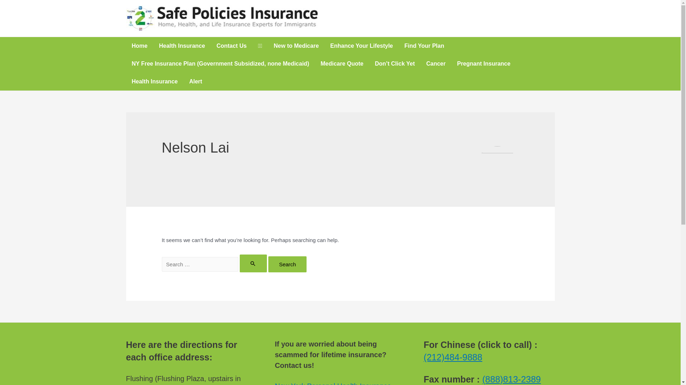 The width and height of the screenshot is (686, 385). What do you see at coordinates (195, 81) in the screenshot?
I see `'Alert'` at bounding box center [195, 81].